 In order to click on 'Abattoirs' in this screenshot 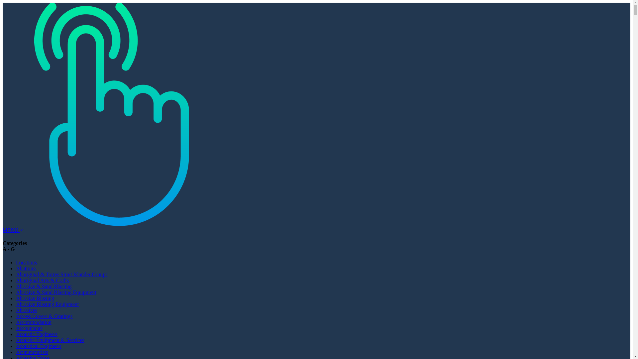, I will do `click(26, 268)`.